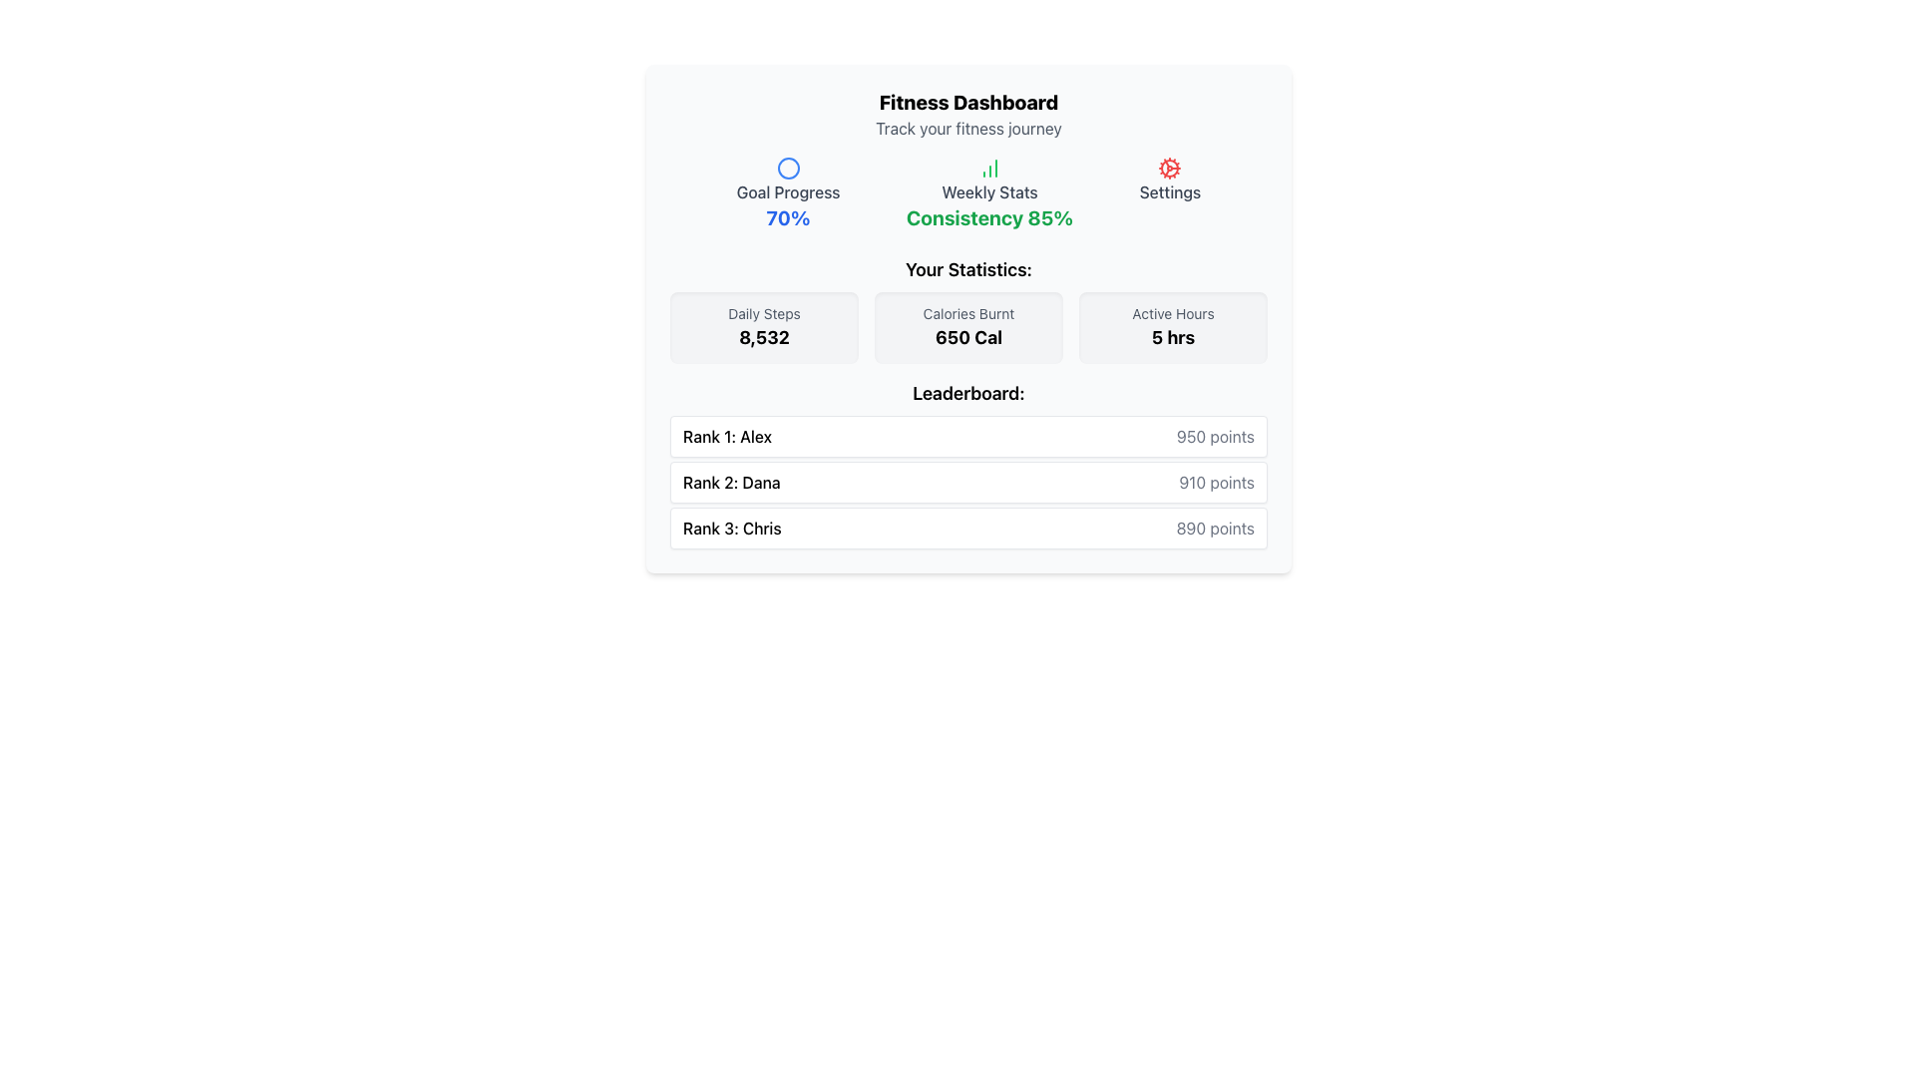 This screenshot has height=1077, width=1915. What do you see at coordinates (968, 337) in the screenshot?
I see `numeric value and unit of calories burnt displayed in the text element located under the 'Calories Burnt' section` at bounding box center [968, 337].